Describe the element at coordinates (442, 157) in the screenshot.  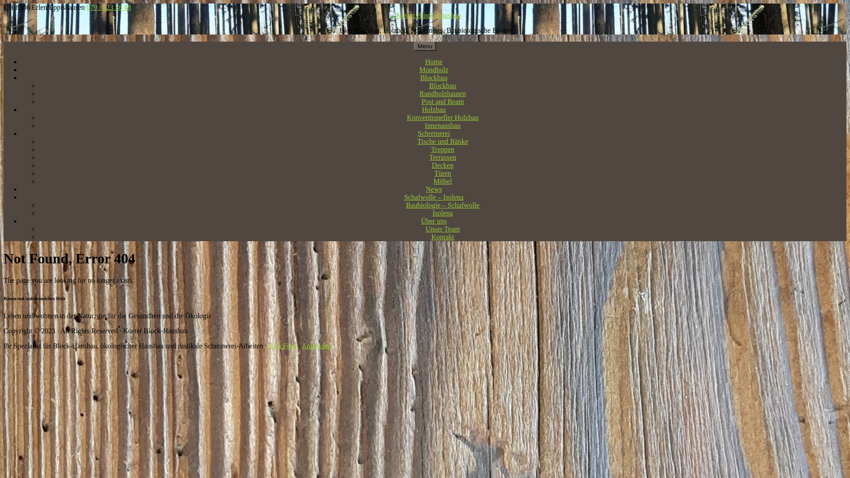
I see `'Terrassen'` at that location.